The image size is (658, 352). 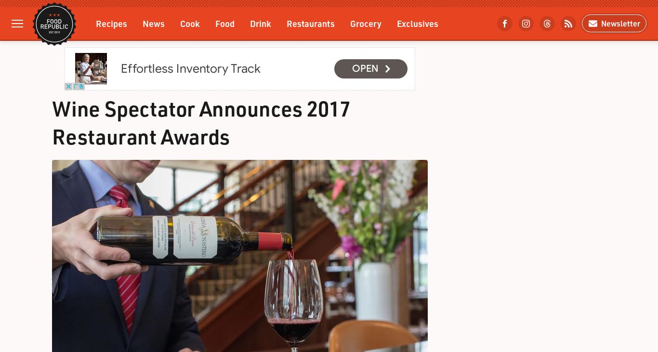 I want to click on 'Newsletter', so click(x=599, y=22).